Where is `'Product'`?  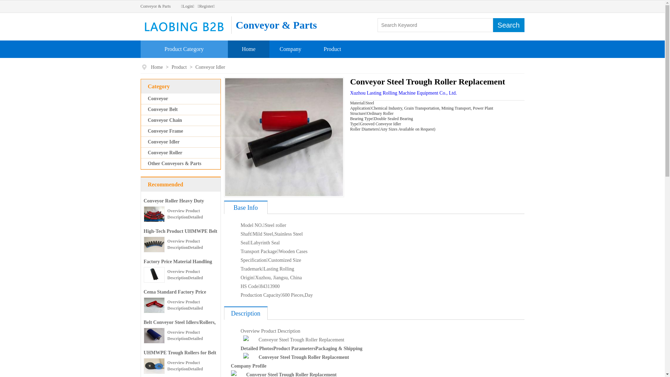 'Product' is located at coordinates (180, 67).